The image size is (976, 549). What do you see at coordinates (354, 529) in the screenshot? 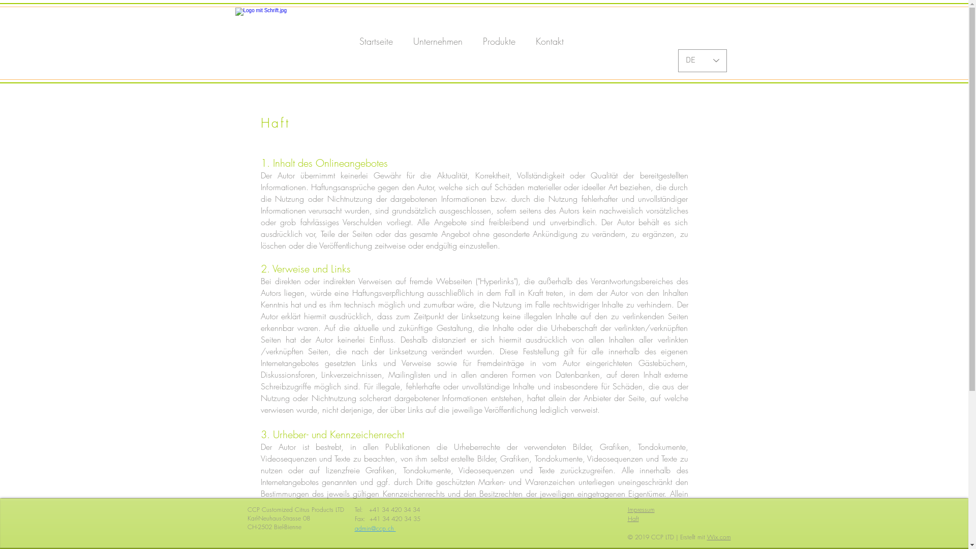
I see `'admin@ccp.ch '` at bounding box center [354, 529].